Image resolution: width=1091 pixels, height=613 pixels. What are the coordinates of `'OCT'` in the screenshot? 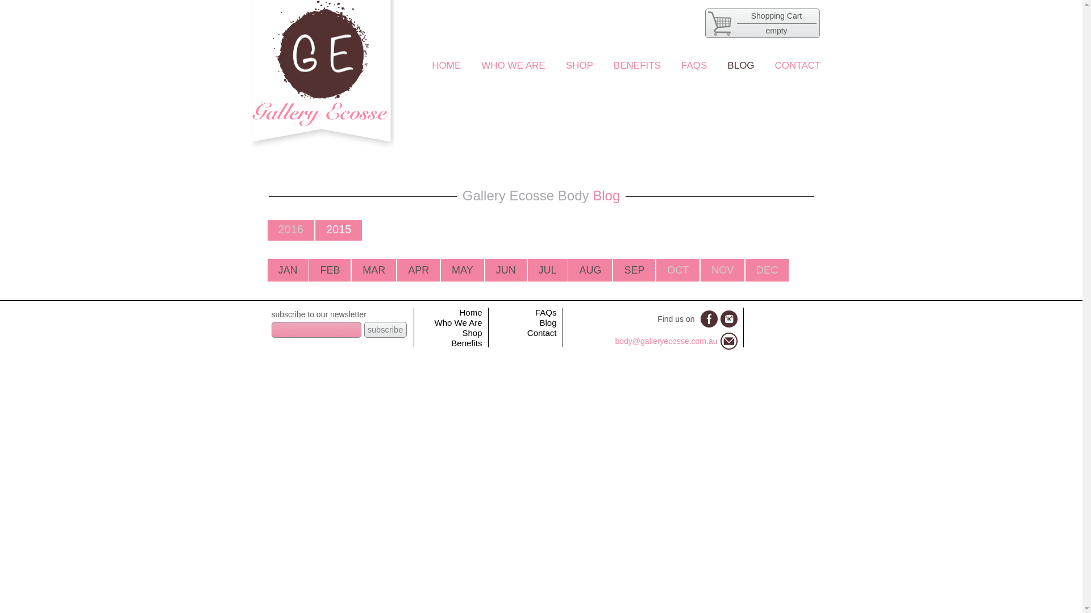 It's located at (678, 270).